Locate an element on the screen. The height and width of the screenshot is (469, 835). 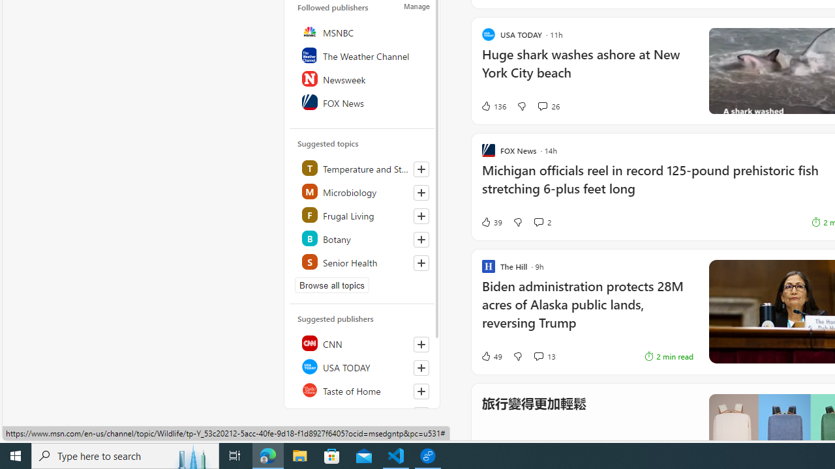
'Manage' is located at coordinates (416, 7).